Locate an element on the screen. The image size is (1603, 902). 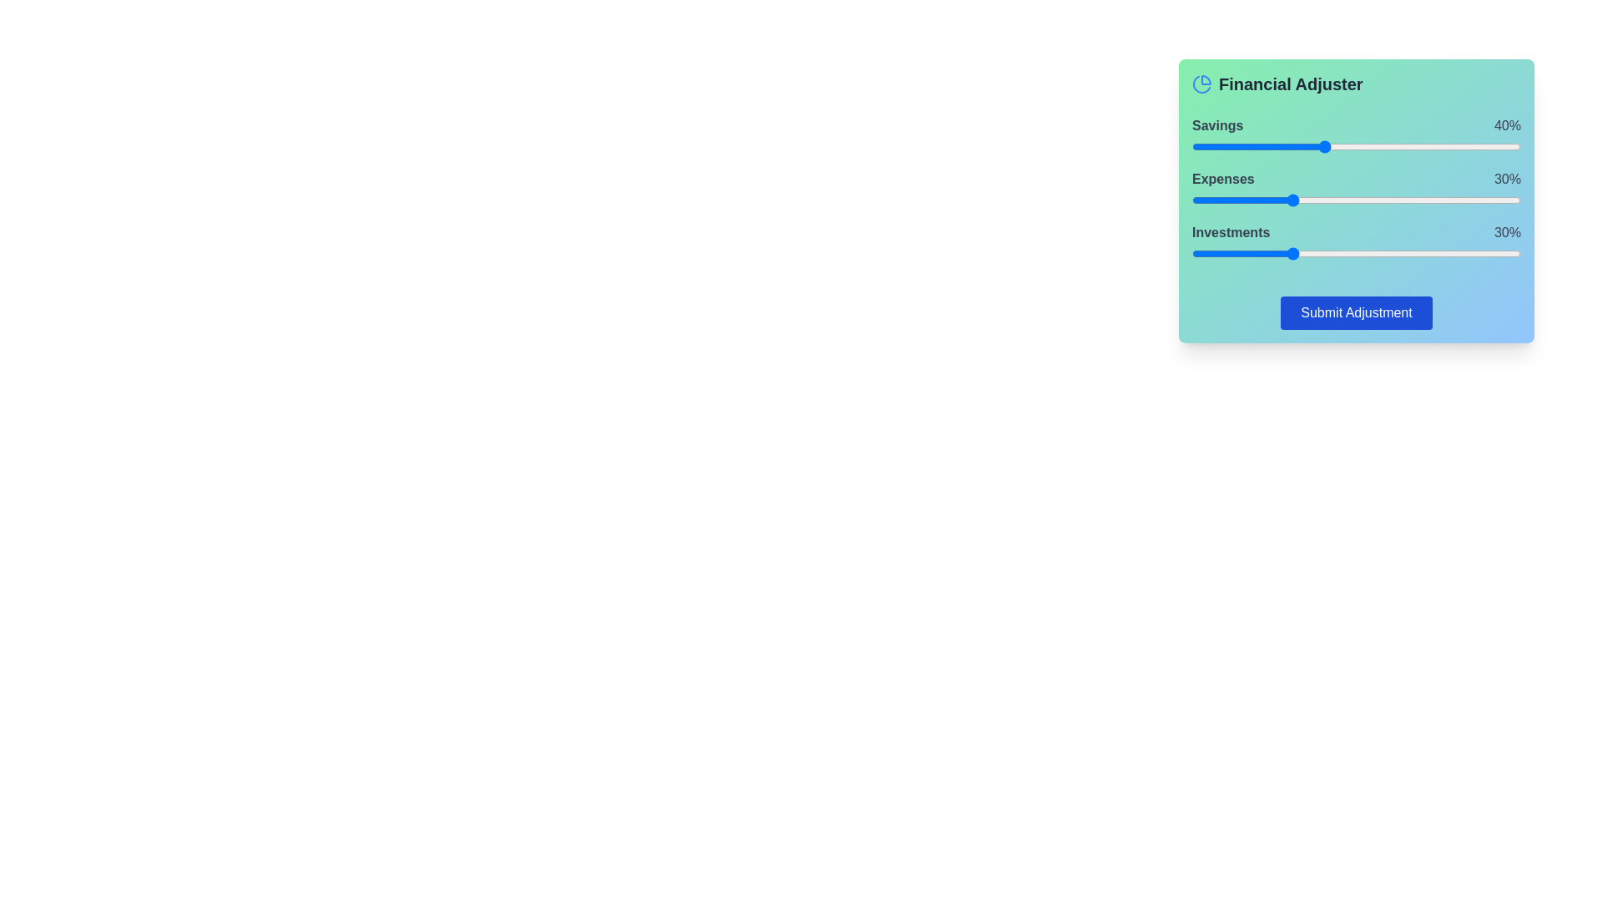
the savings slider to set the percentage to 16 is located at coordinates (1245, 146).